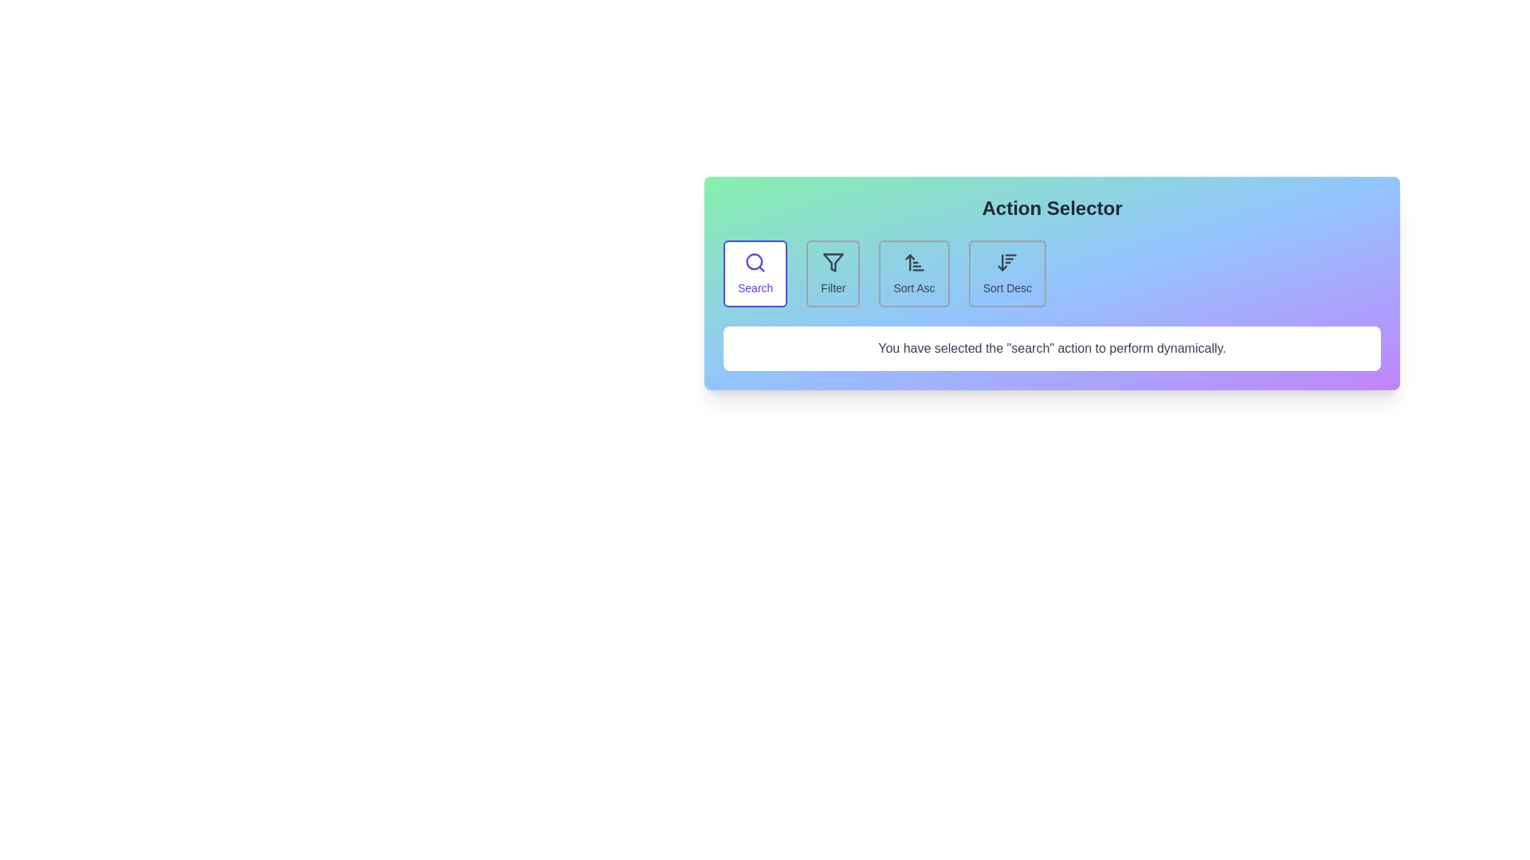 Image resolution: width=1530 pixels, height=860 pixels. Describe the element at coordinates (914, 288) in the screenshot. I see `text label that provides information about the 'Sort Asc' action, located at the bottom of the button-like structure representing this action` at that location.